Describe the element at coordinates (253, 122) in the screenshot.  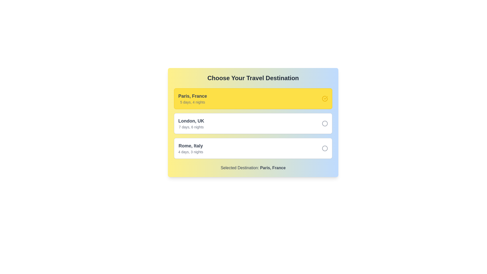
I see `the travel destination card displaying information about 'London, UK', which is the second card in a vertical stack of three, featuring a white background, gray border, and rounded corners` at that location.